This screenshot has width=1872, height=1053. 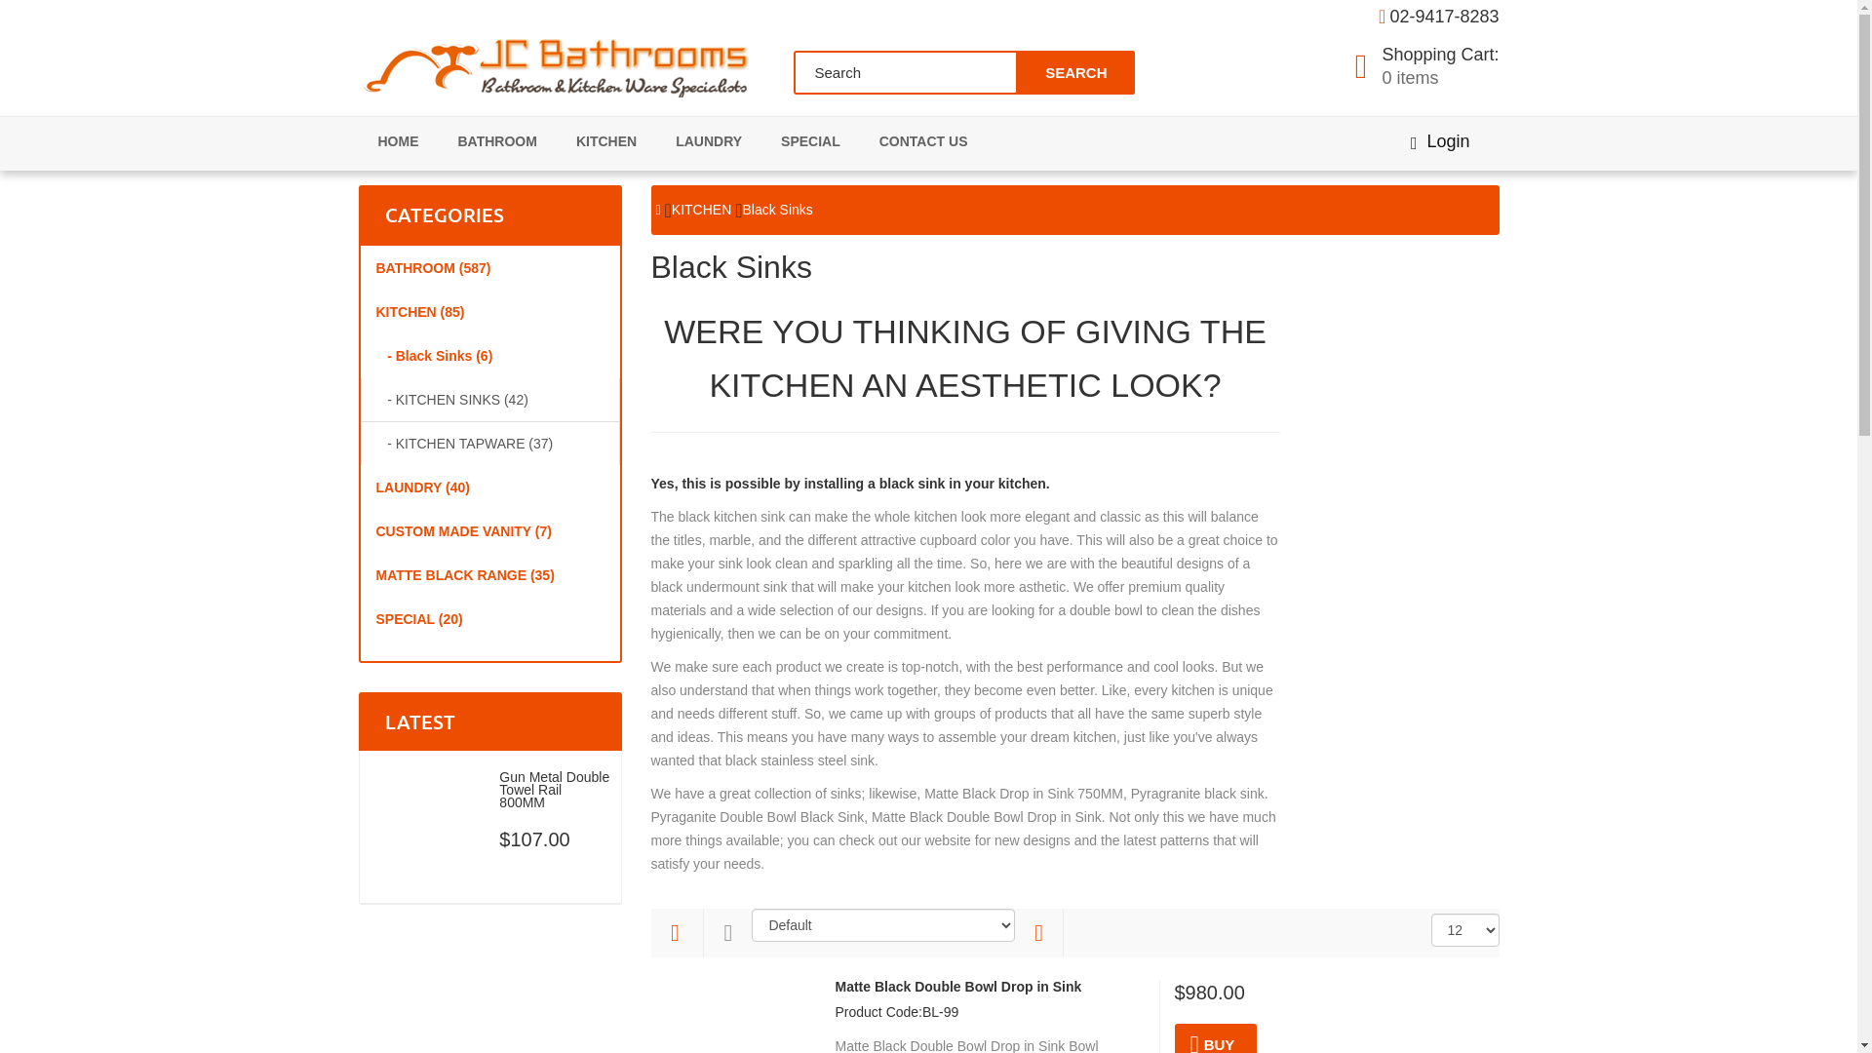 What do you see at coordinates (360, 356) in the screenshot?
I see `'   - Black Sinks (6)'` at bounding box center [360, 356].